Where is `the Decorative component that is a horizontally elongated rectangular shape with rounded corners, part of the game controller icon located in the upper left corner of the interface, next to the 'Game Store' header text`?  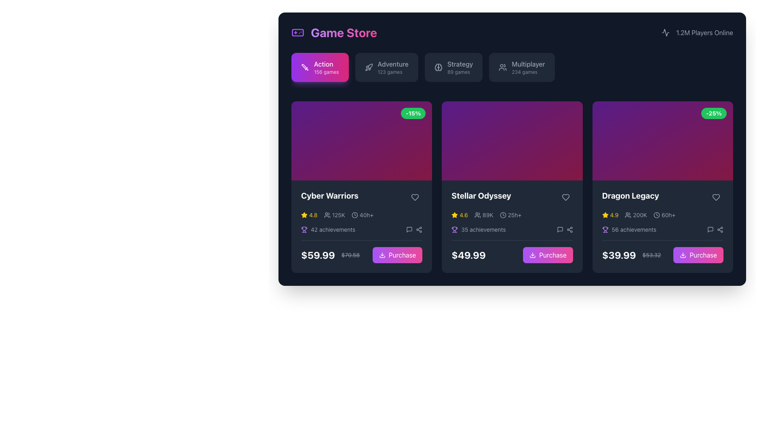
the Decorative component that is a horizontally elongated rectangular shape with rounded corners, part of the game controller icon located in the upper left corner of the interface, next to the 'Game Store' header text is located at coordinates (297, 32).